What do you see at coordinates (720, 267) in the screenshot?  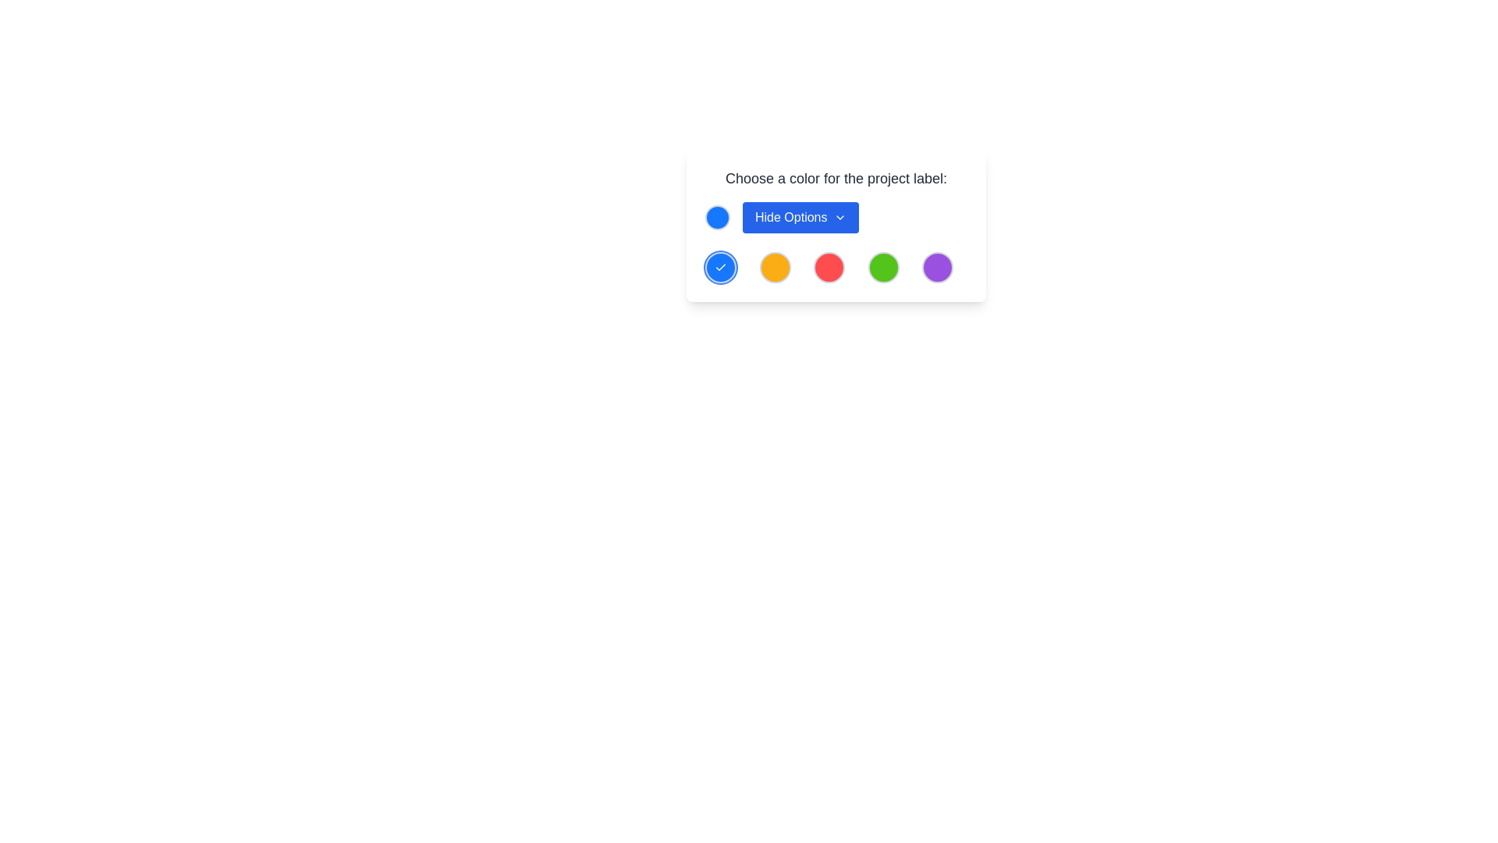 I see `the white checkmark symbol over the blue circular background to confirm selection` at bounding box center [720, 267].